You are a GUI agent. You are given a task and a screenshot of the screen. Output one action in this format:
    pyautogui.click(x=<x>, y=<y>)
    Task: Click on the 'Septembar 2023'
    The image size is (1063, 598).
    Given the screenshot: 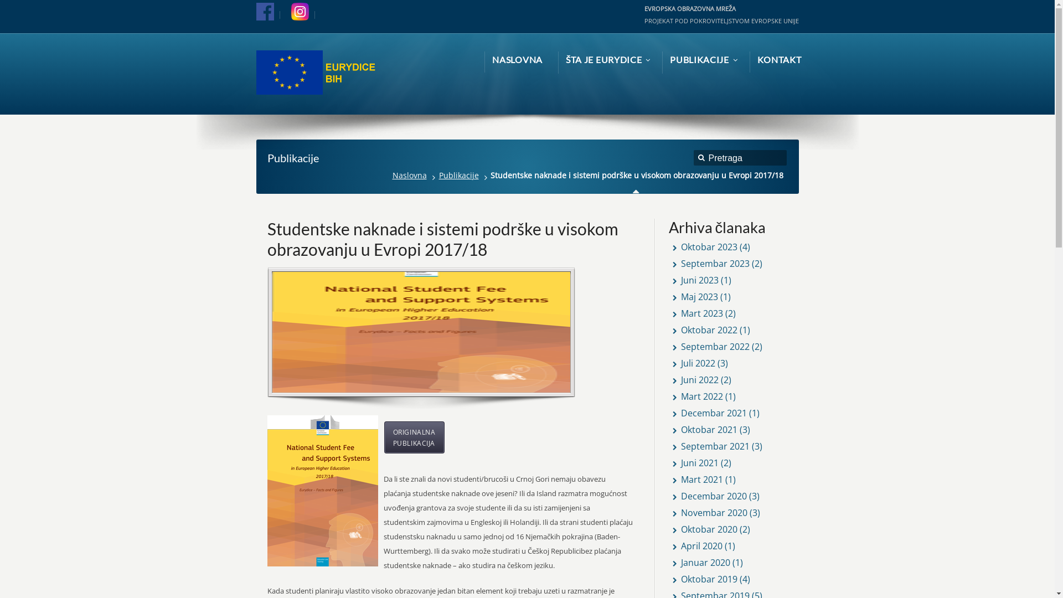 What is the action you would take?
    pyautogui.click(x=715, y=263)
    